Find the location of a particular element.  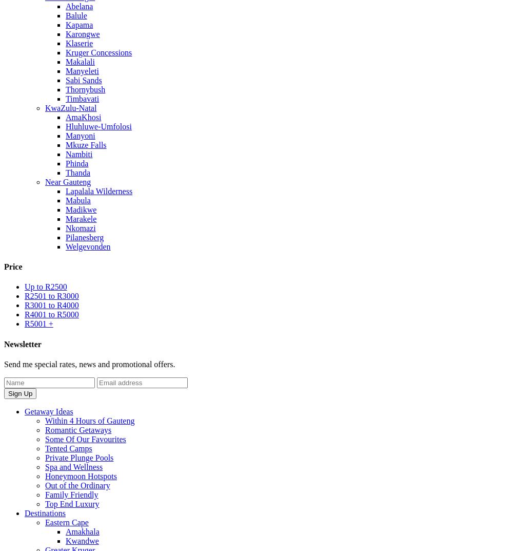

'Makalali' is located at coordinates (79, 61).